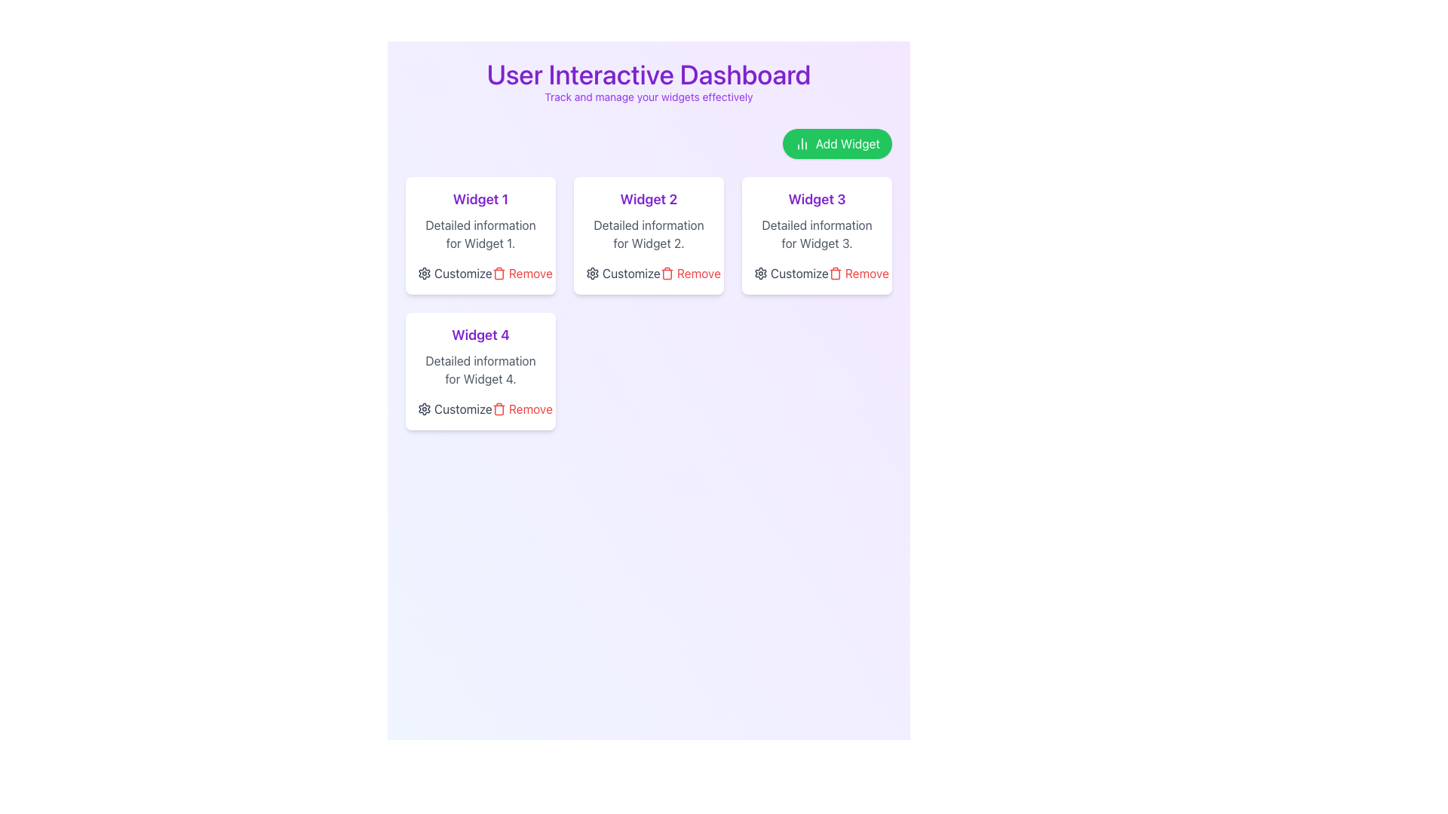  What do you see at coordinates (666, 273) in the screenshot?
I see `the 'Remove' icon, which is the first subcomponent of the 'Remove' button located to the right of the 'Customize' option in the second card of the widget grid` at bounding box center [666, 273].